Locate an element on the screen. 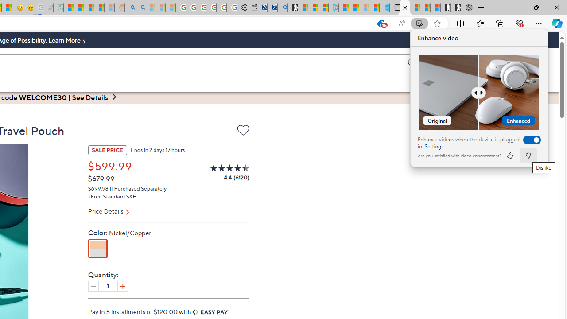 Image resolution: width=567 pixels, height=319 pixels. 'SALE PRICE' is located at coordinates (107, 149).